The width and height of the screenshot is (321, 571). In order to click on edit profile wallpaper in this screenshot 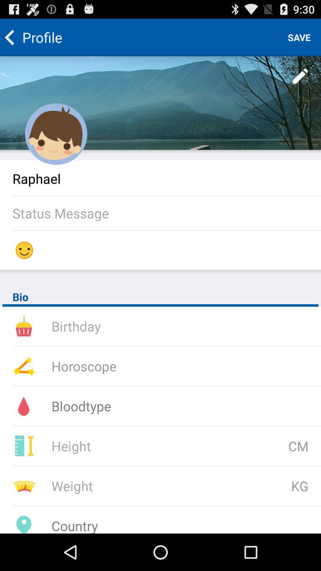, I will do `click(300, 76)`.